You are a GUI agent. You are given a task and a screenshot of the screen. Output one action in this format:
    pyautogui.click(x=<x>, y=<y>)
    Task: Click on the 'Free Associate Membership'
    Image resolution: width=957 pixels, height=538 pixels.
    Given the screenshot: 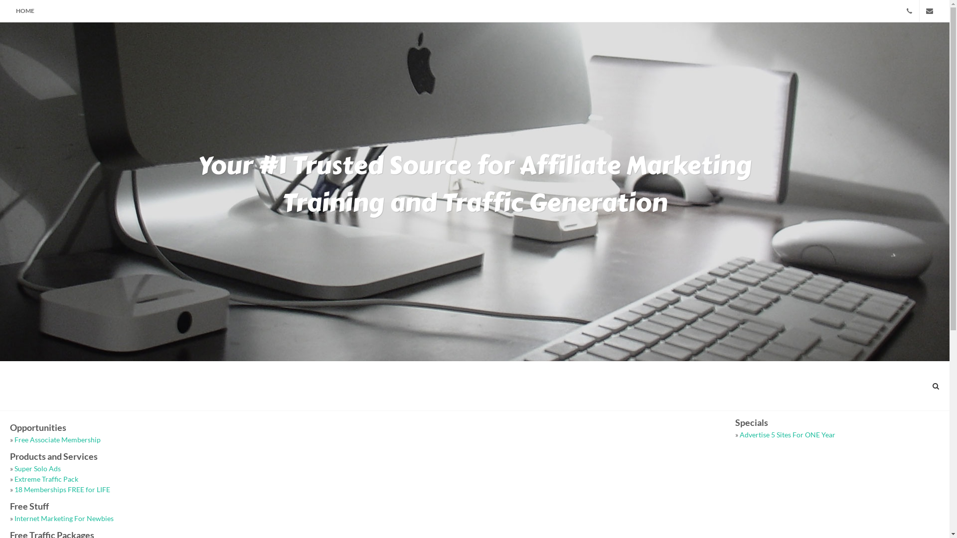 What is the action you would take?
    pyautogui.click(x=57, y=439)
    